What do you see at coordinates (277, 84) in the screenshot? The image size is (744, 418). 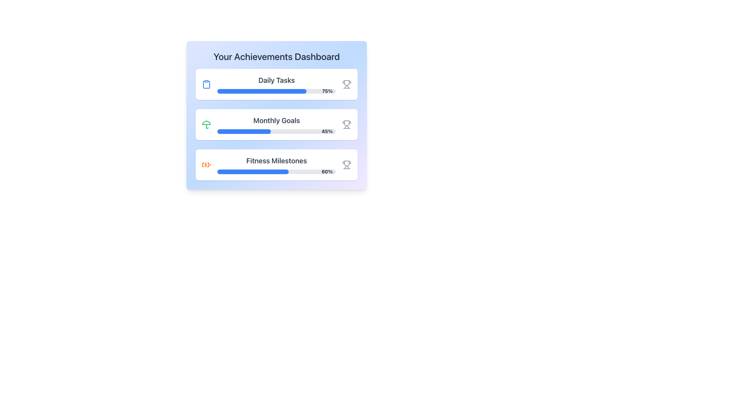 I see `the Progress Card at the top of the 'Your Achievements Dashboard' to get more information about daily tasks and goals` at bounding box center [277, 84].